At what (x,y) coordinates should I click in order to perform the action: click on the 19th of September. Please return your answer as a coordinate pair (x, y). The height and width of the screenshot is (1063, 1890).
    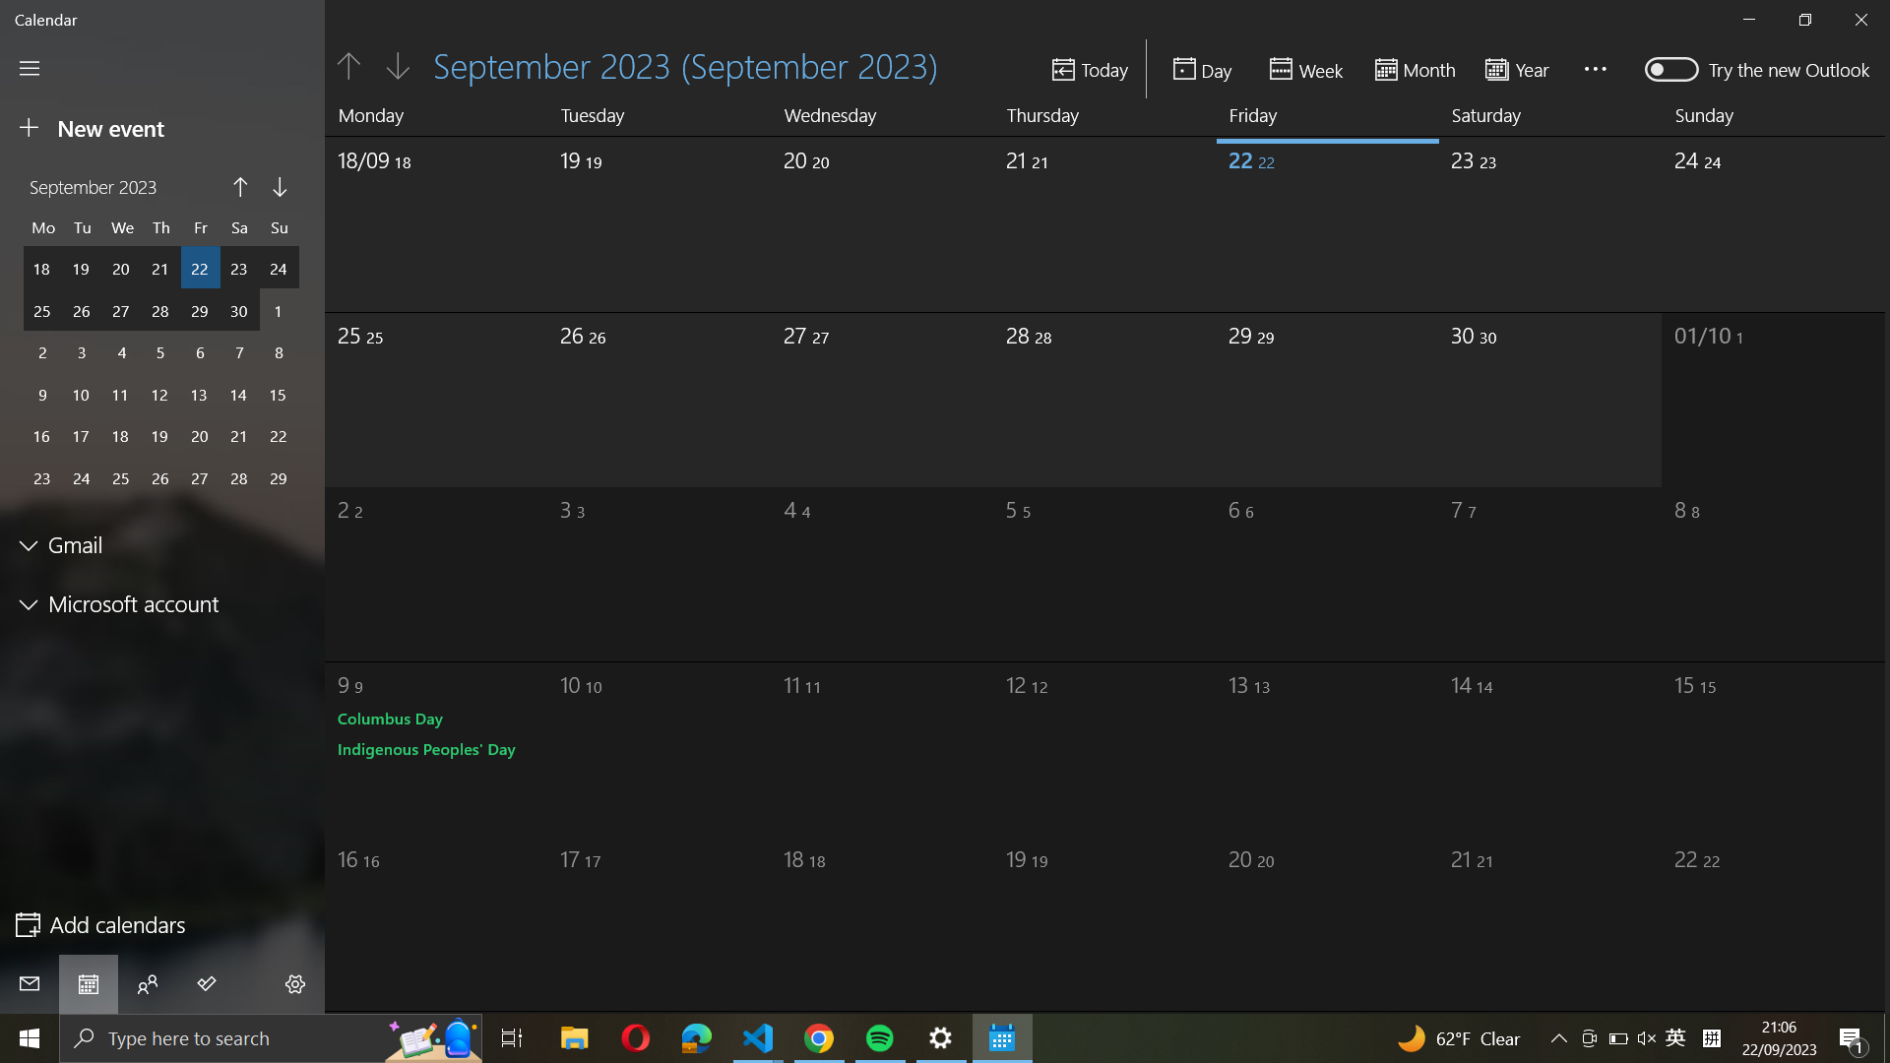
    Looking at the image, I should click on (617, 219).